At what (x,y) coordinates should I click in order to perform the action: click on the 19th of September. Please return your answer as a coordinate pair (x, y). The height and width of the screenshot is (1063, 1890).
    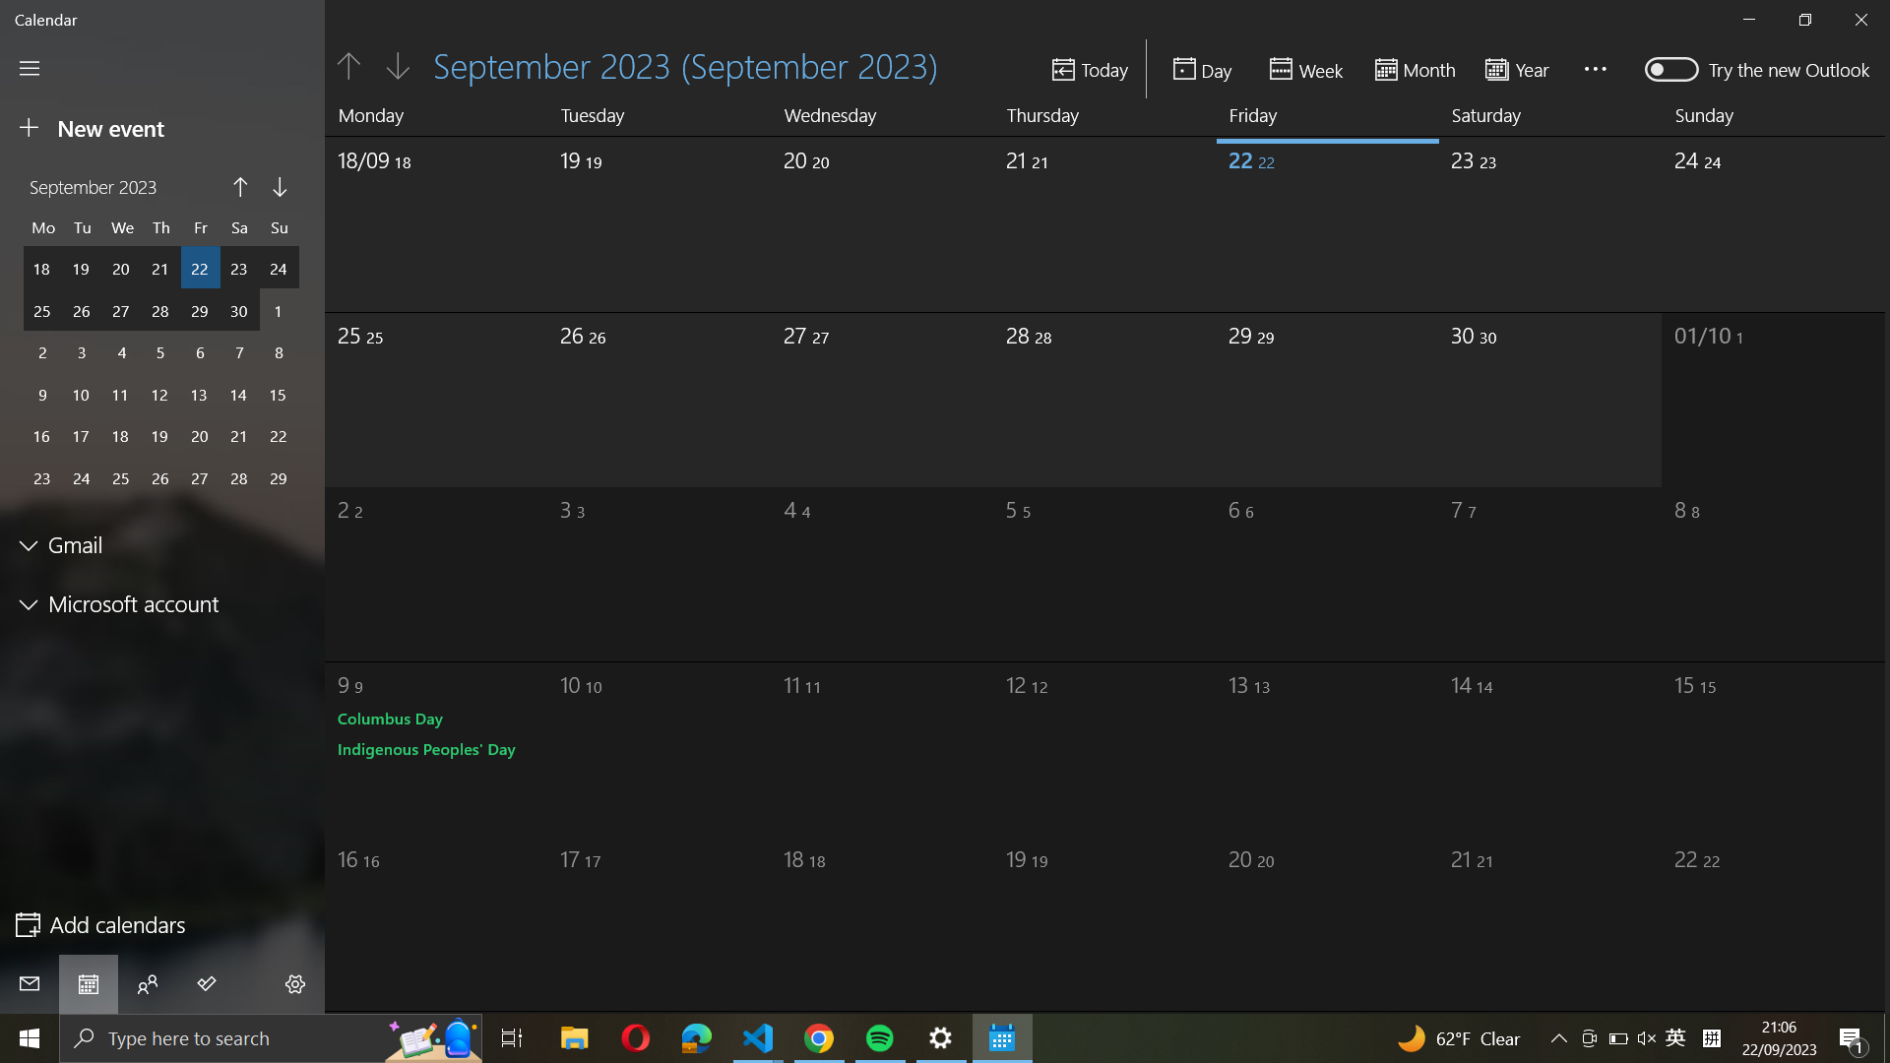
    Looking at the image, I should click on (617, 219).